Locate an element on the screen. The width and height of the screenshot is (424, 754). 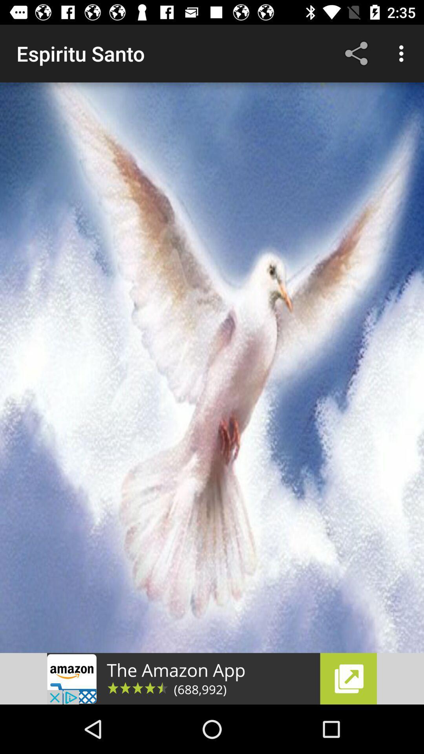
advertisement is located at coordinates (212, 678).